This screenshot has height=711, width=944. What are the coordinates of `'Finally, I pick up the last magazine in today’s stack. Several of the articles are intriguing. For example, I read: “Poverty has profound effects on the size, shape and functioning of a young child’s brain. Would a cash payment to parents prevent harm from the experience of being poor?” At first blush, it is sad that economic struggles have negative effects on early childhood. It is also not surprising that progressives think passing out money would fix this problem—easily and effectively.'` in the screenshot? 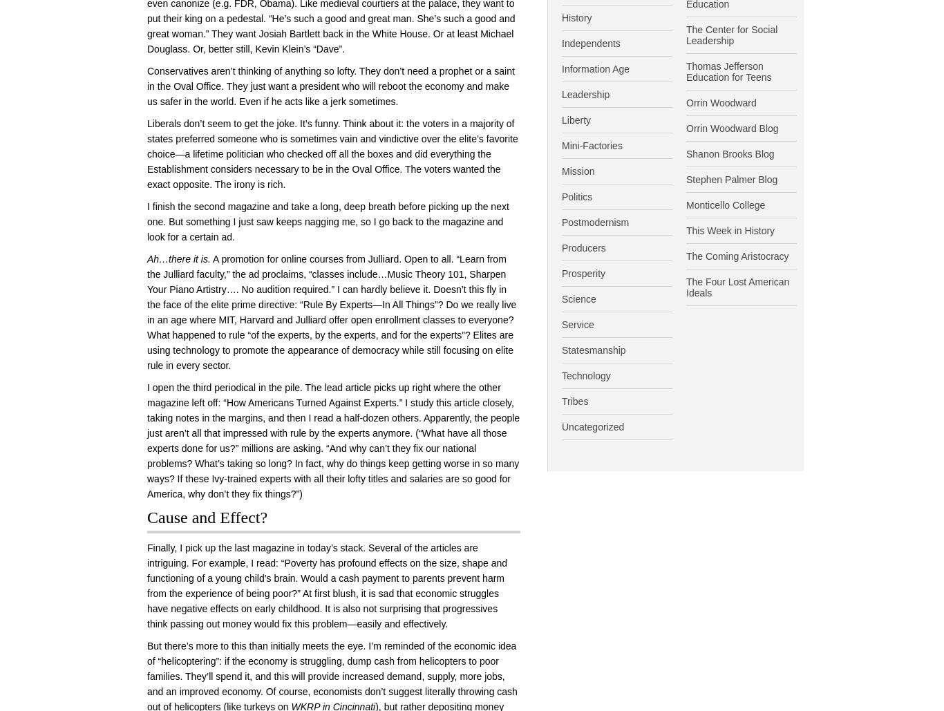 It's located at (327, 585).